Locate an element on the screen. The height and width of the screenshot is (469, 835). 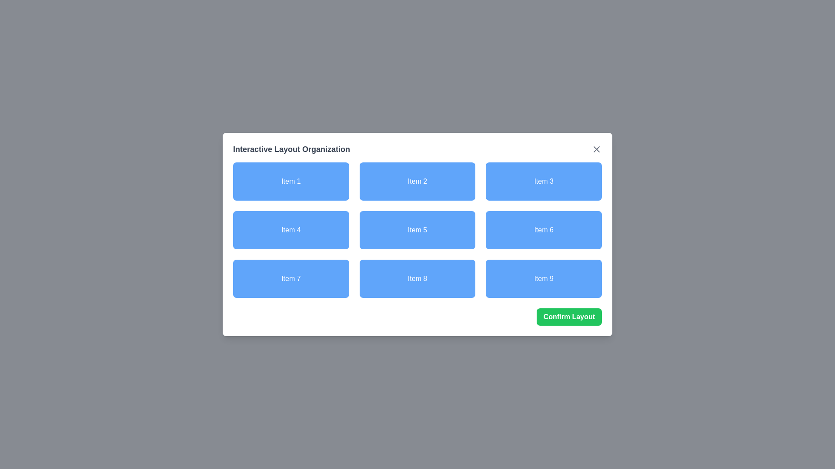
'Confirm Layout' button to confirm the layout is located at coordinates (569, 317).